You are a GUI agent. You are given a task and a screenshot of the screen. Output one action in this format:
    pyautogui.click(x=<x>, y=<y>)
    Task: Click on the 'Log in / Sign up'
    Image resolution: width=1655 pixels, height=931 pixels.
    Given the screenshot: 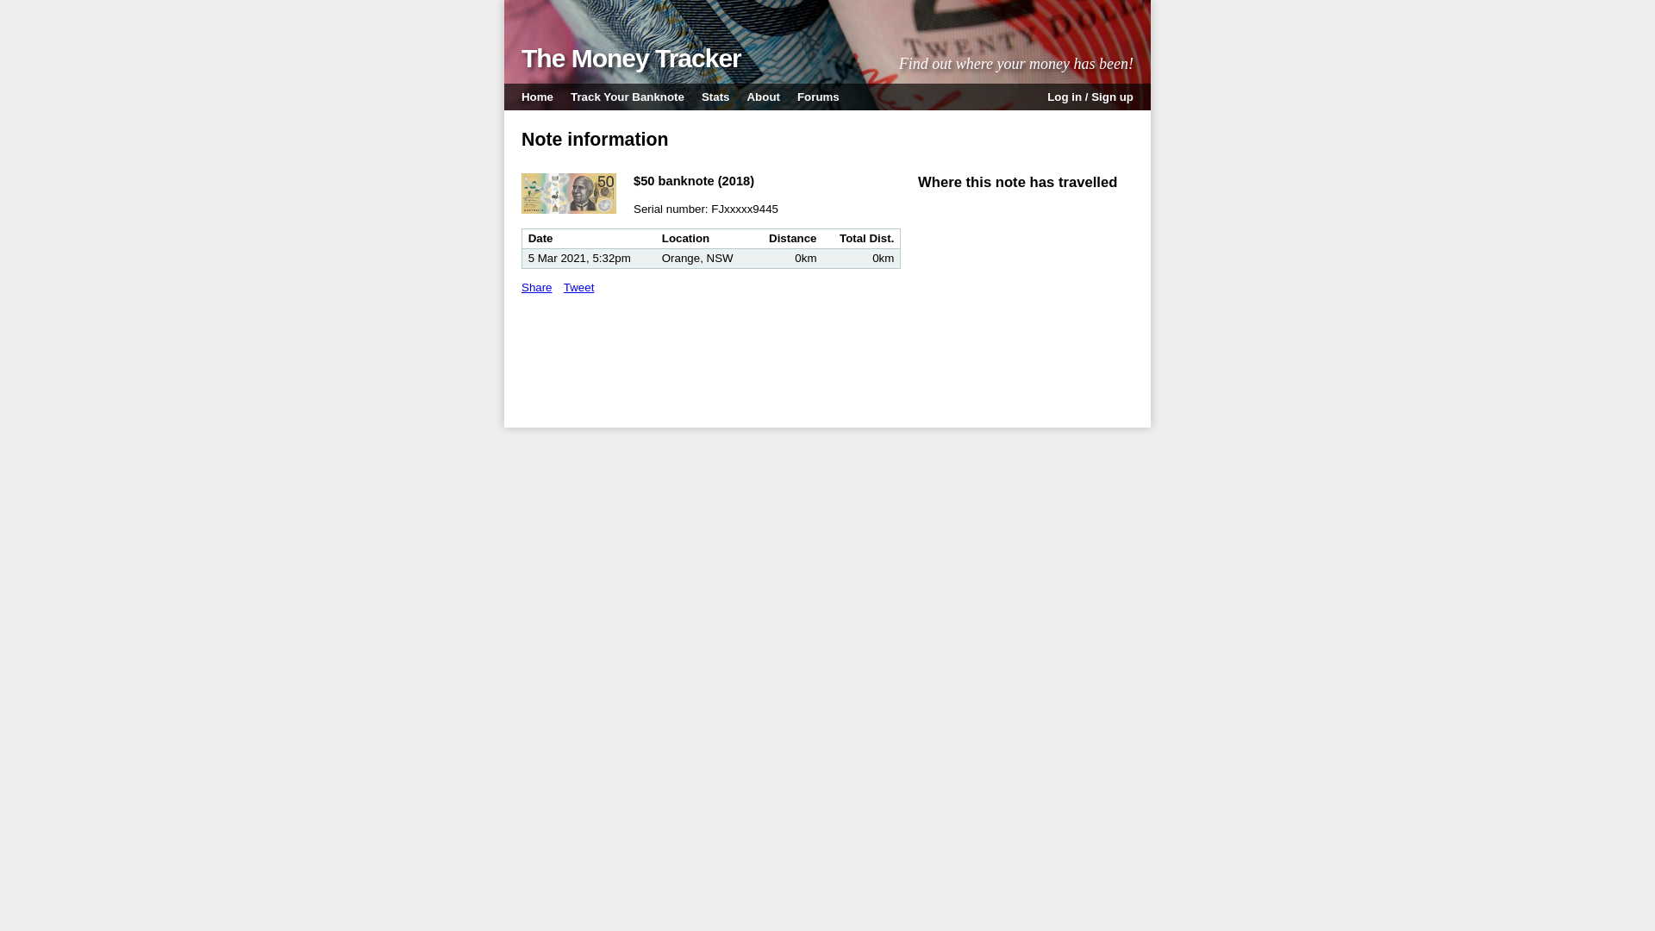 What is the action you would take?
    pyautogui.click(x=1090, y=97)
    